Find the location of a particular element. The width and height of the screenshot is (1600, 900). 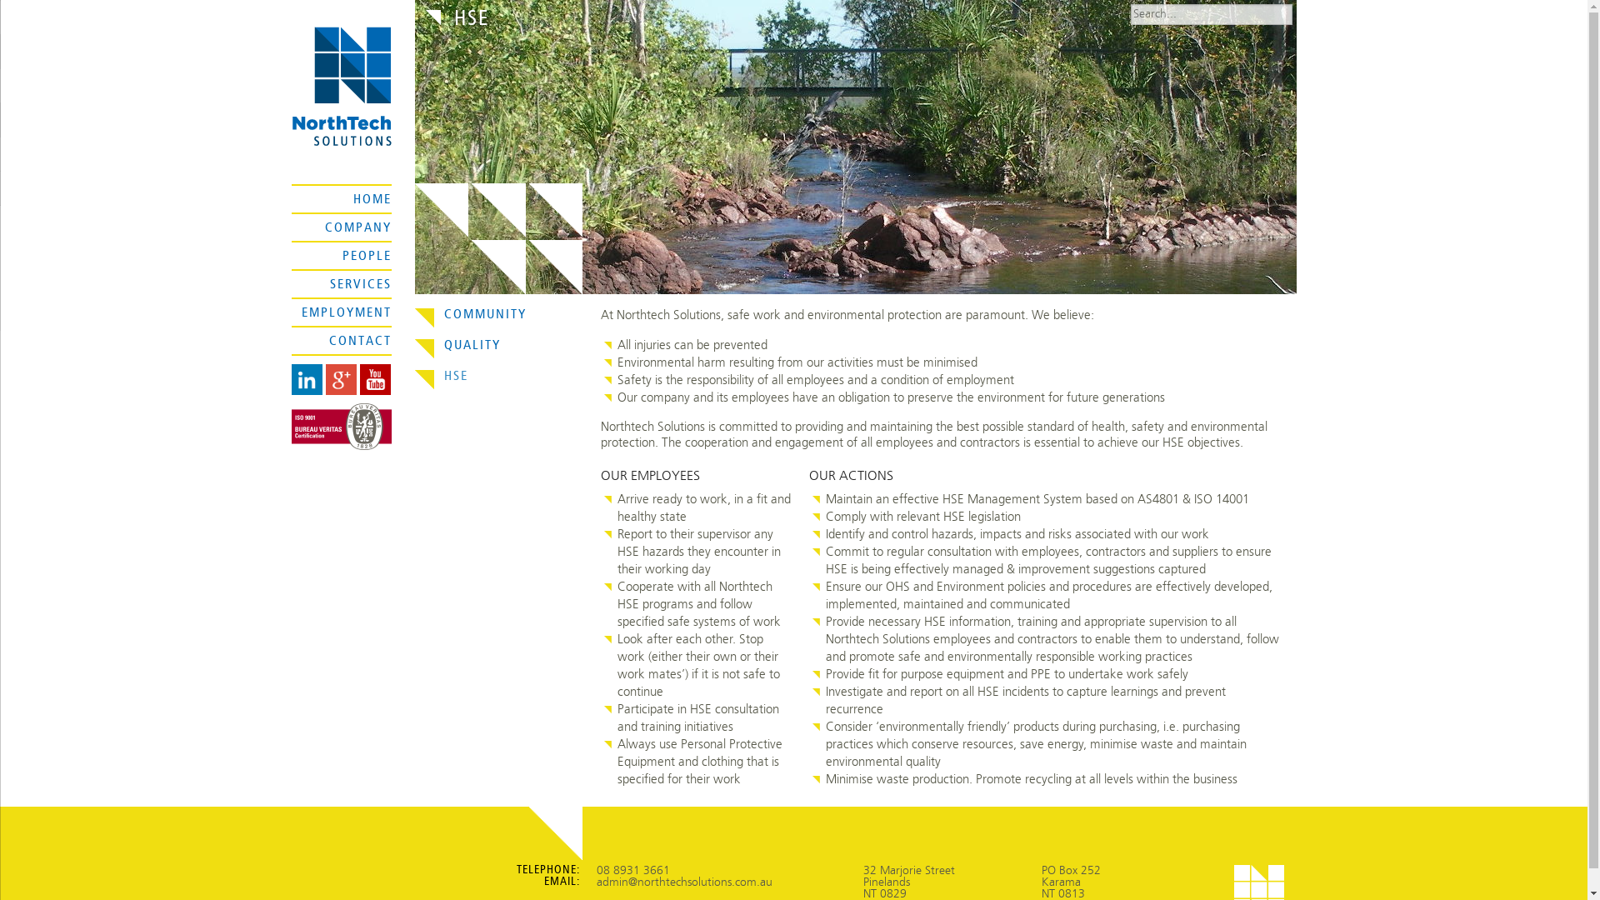

'HOME' is located at coordinates (371, 198).